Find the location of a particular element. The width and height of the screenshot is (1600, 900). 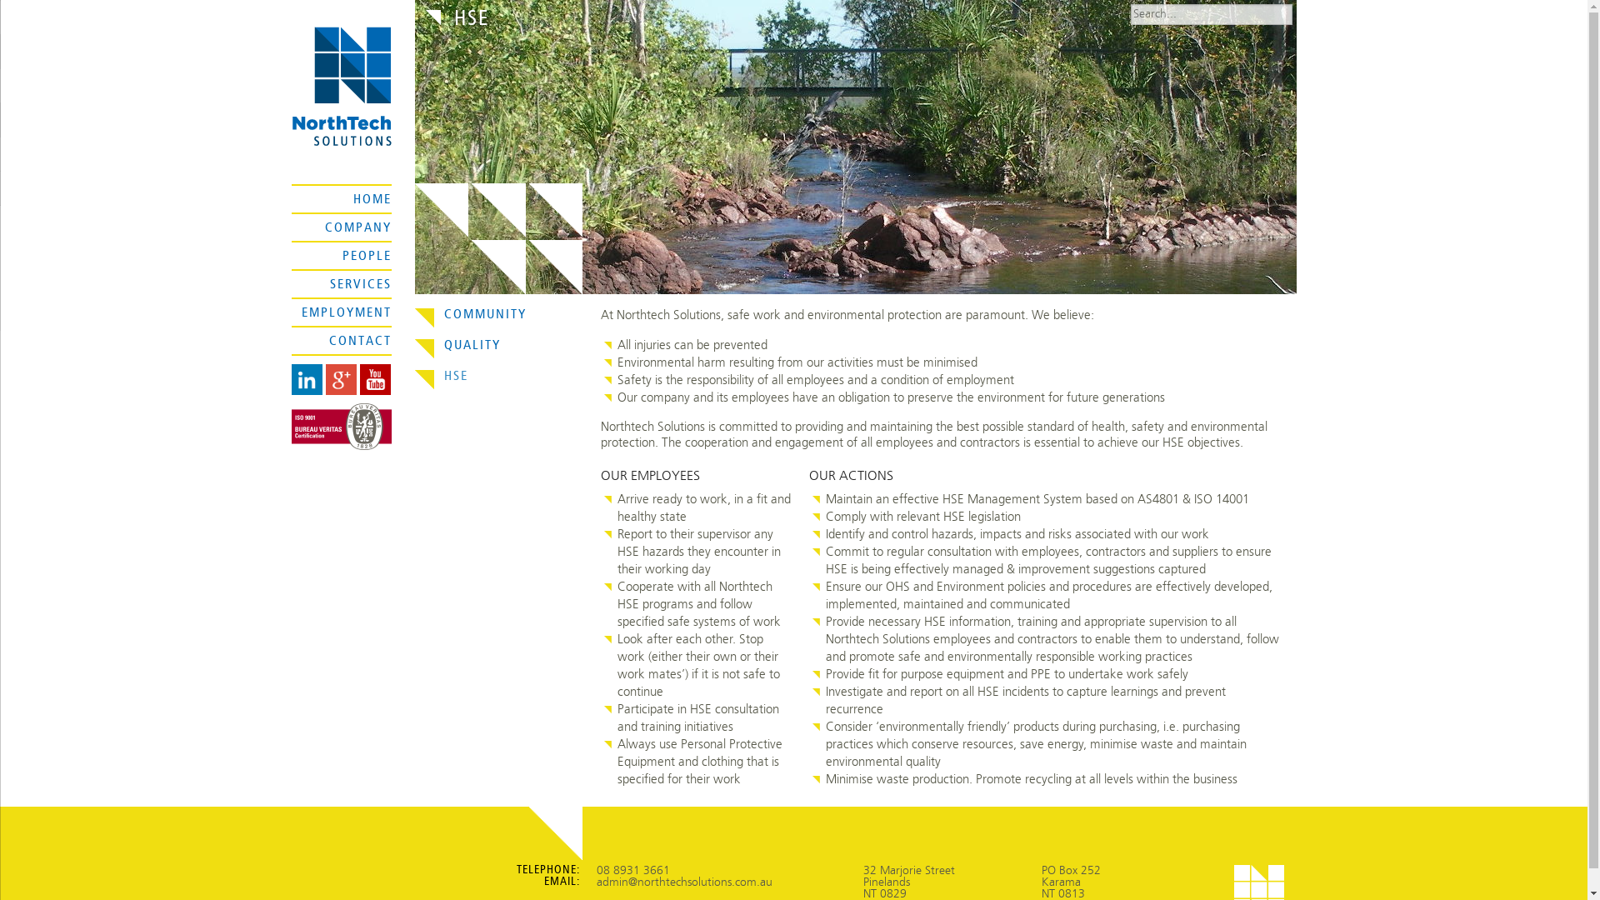

'HOME' is located at coordinates (371, 198).